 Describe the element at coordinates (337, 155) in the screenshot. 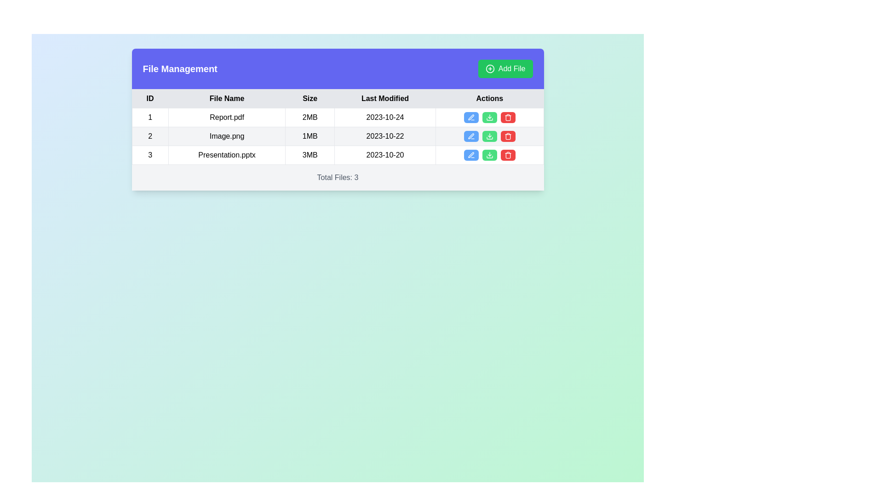

I see `and drop the third row in the table containing the file 'Presentation.pptx'` at that location.